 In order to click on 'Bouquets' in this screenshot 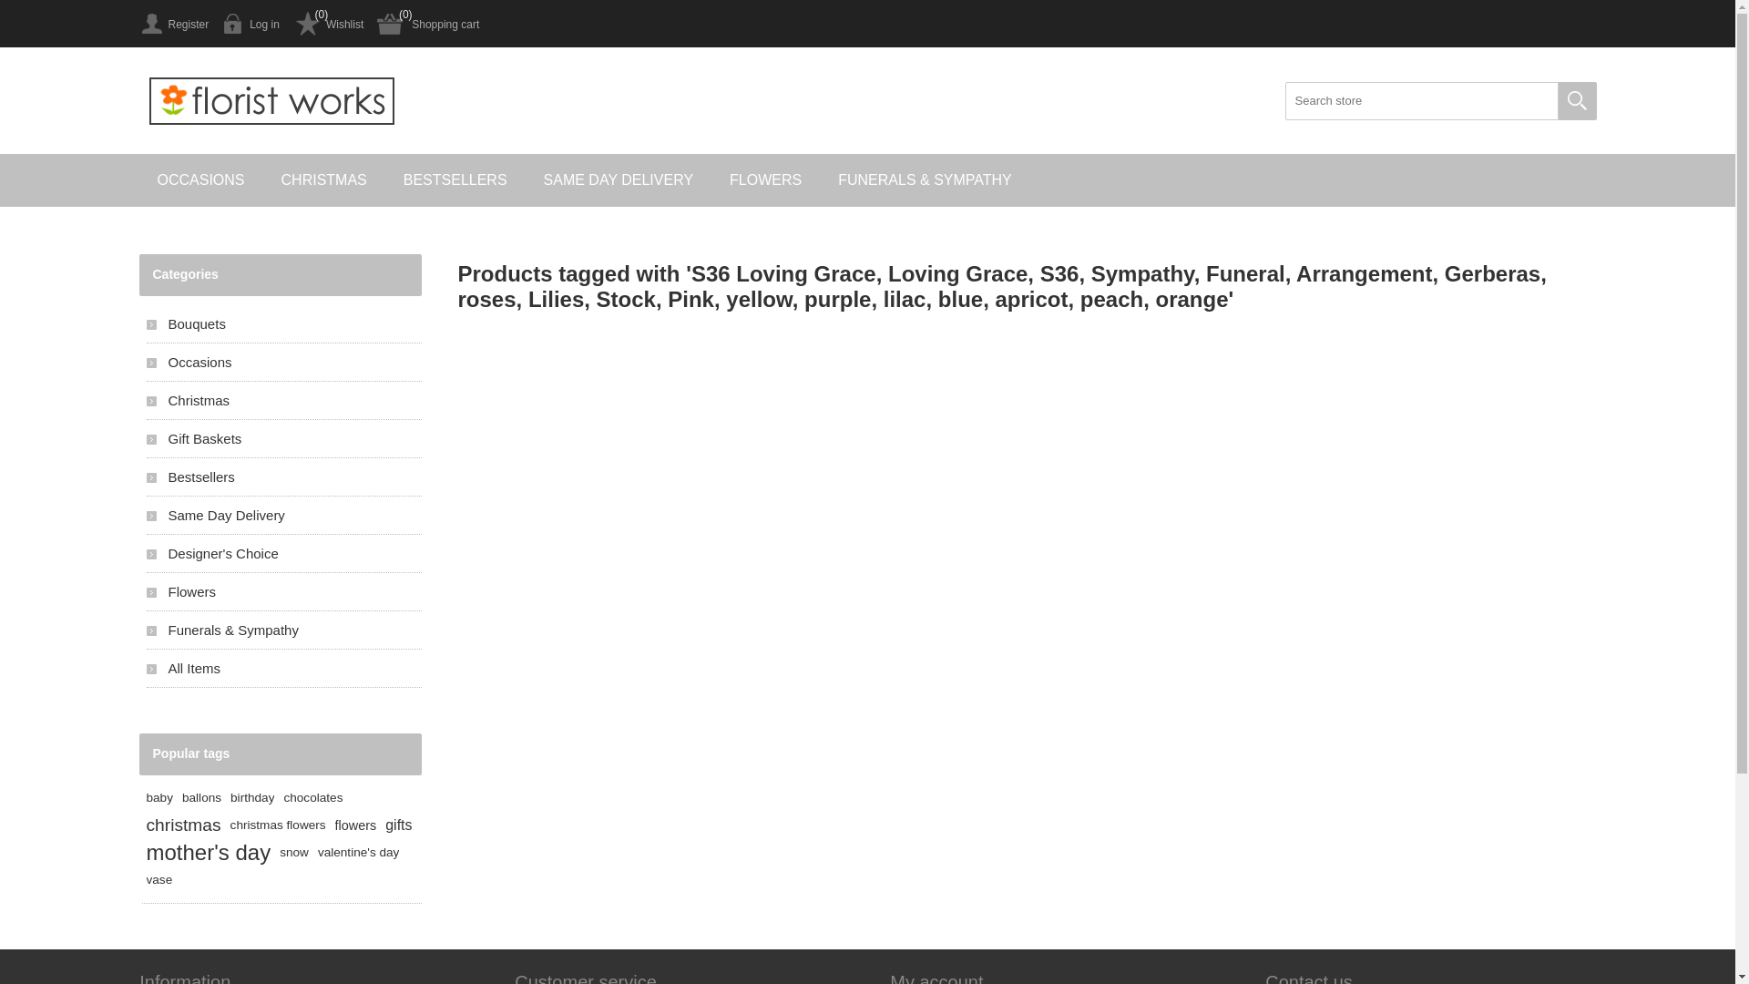, I will do `click(282, 323)`.